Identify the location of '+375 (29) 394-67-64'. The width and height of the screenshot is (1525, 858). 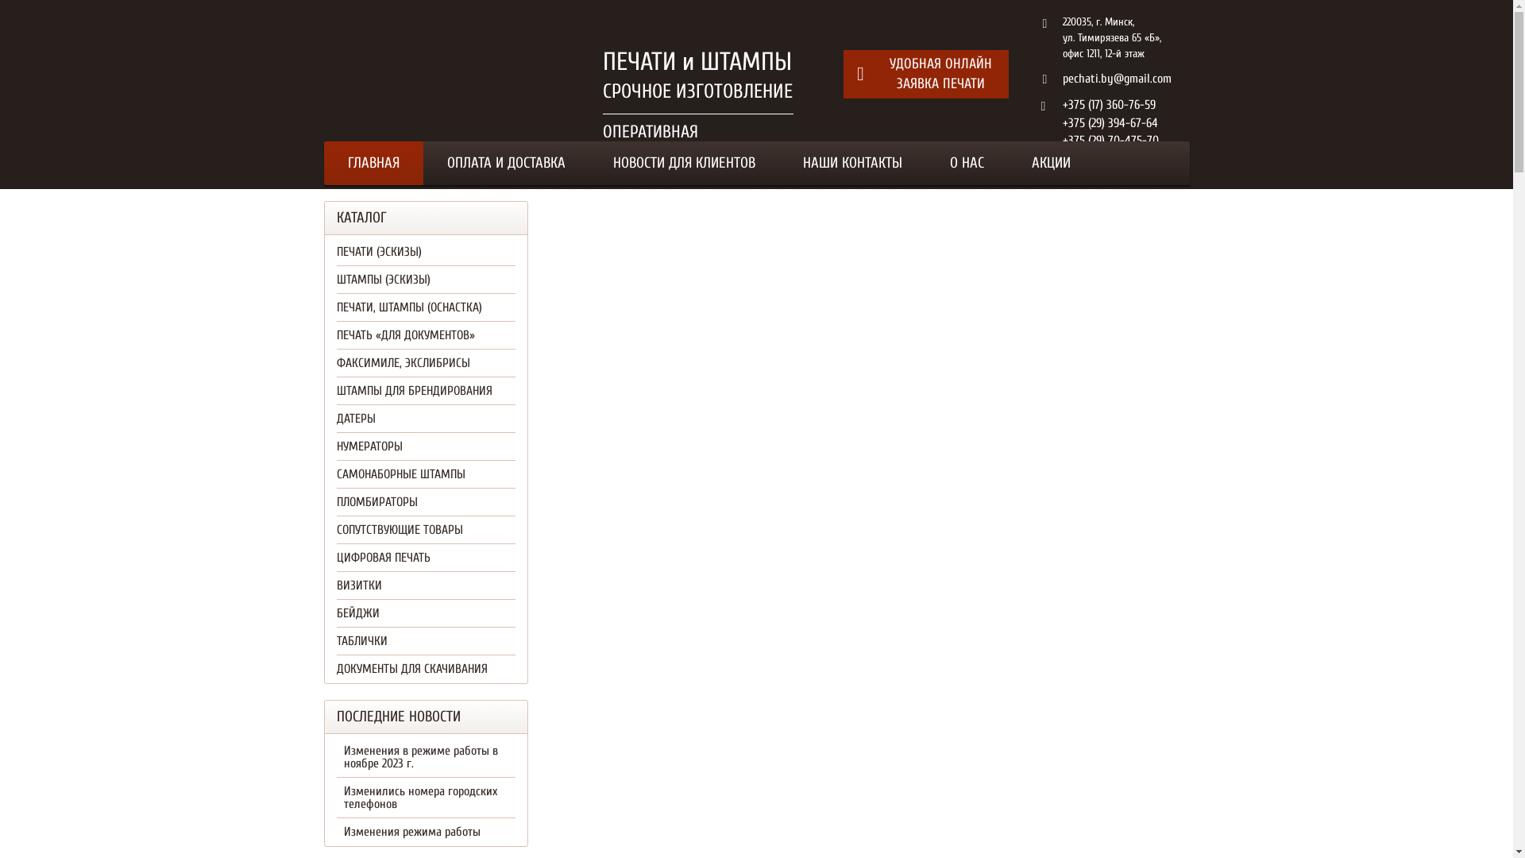
(1109, 122).